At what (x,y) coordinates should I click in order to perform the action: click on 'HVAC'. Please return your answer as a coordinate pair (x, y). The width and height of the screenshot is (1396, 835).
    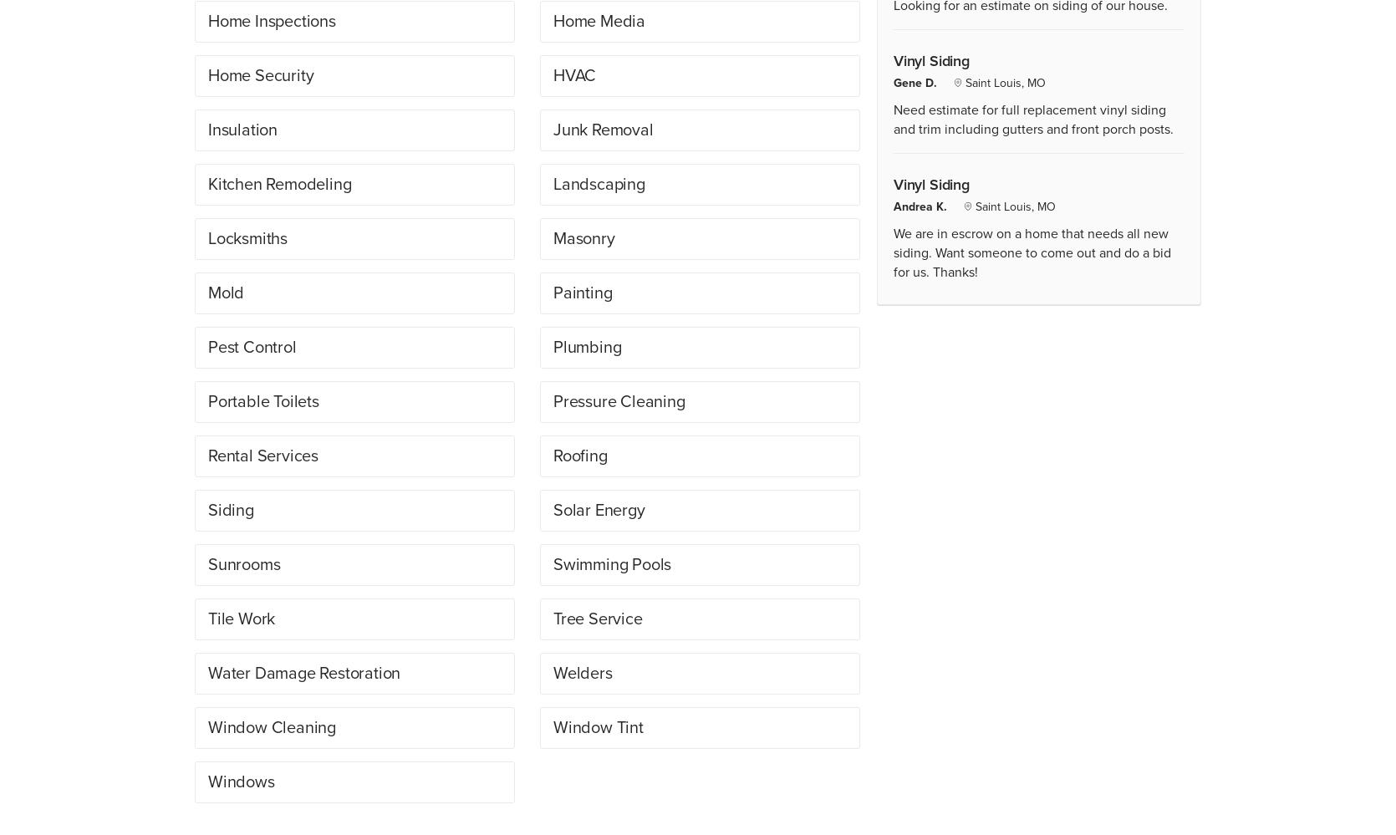
    Looking at the image, I should click on (552, 74).